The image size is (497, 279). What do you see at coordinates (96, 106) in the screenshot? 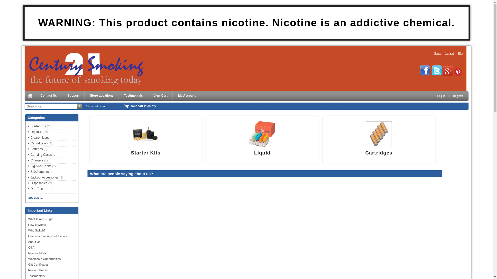
I see `'Advanced Search'` at bounding box center [96, 106].